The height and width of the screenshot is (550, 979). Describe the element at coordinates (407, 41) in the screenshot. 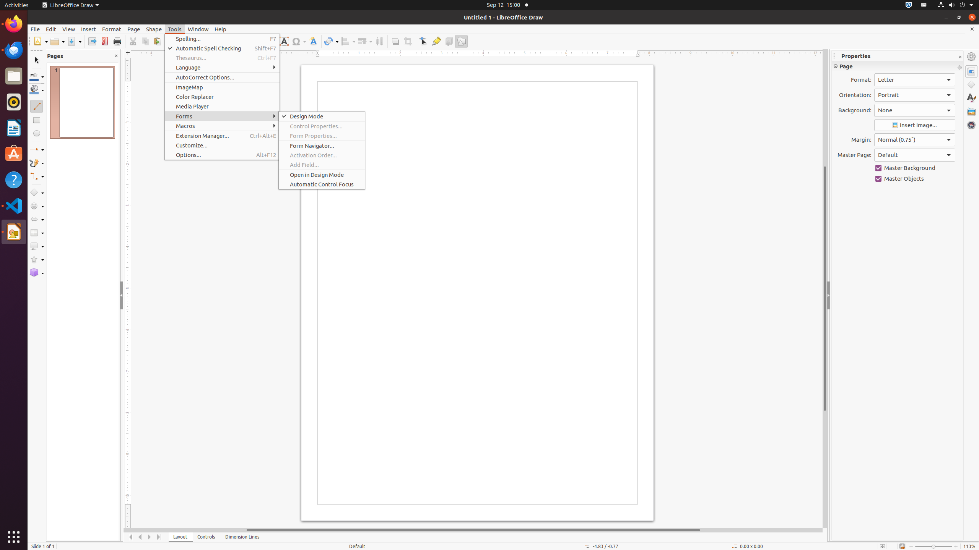

I see `'Crop'` at that location.